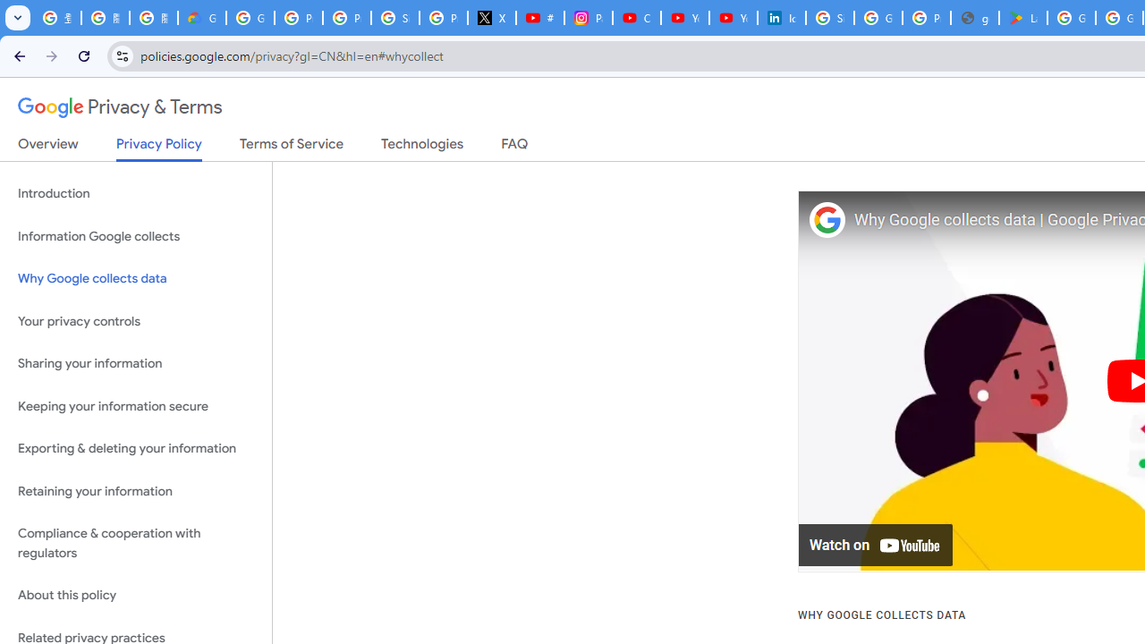 The width and height of the screenshot is (1145, 644). Describe the element at coordinates (421, 147) in the screenshot. I see `'Technologies'` at that location.